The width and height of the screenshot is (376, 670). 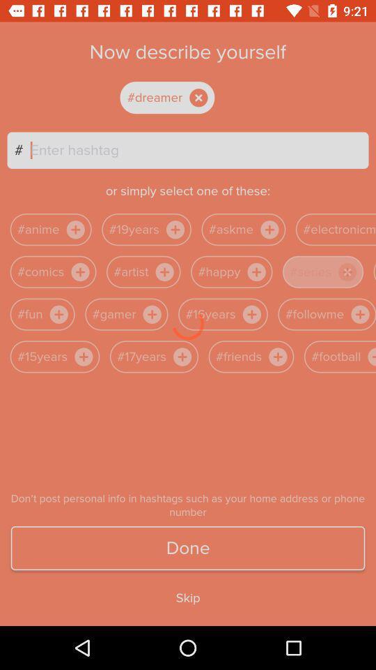 I want to click on the icon above or simply select item, so click(x=198, y=150).